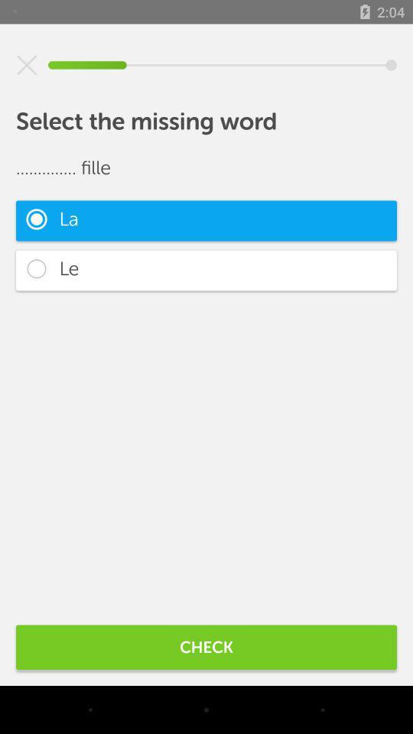 The image size is (413, 734). Describe the element at coordinates (206, 219) in the screenshot. I see `item above le item` at that location.